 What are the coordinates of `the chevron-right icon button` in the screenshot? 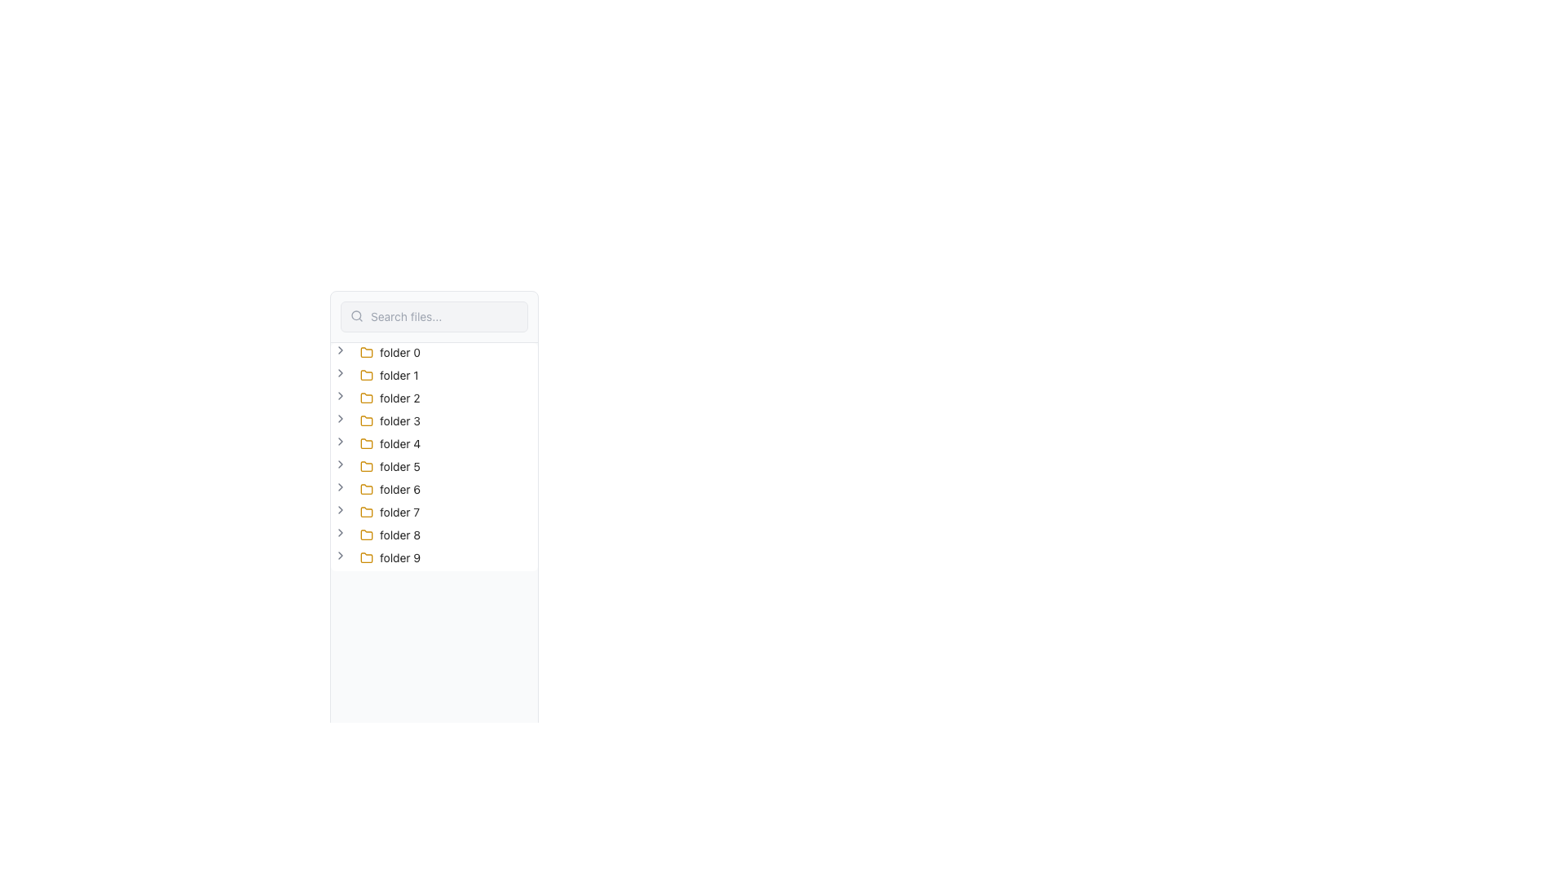 It's located at (339, 508).